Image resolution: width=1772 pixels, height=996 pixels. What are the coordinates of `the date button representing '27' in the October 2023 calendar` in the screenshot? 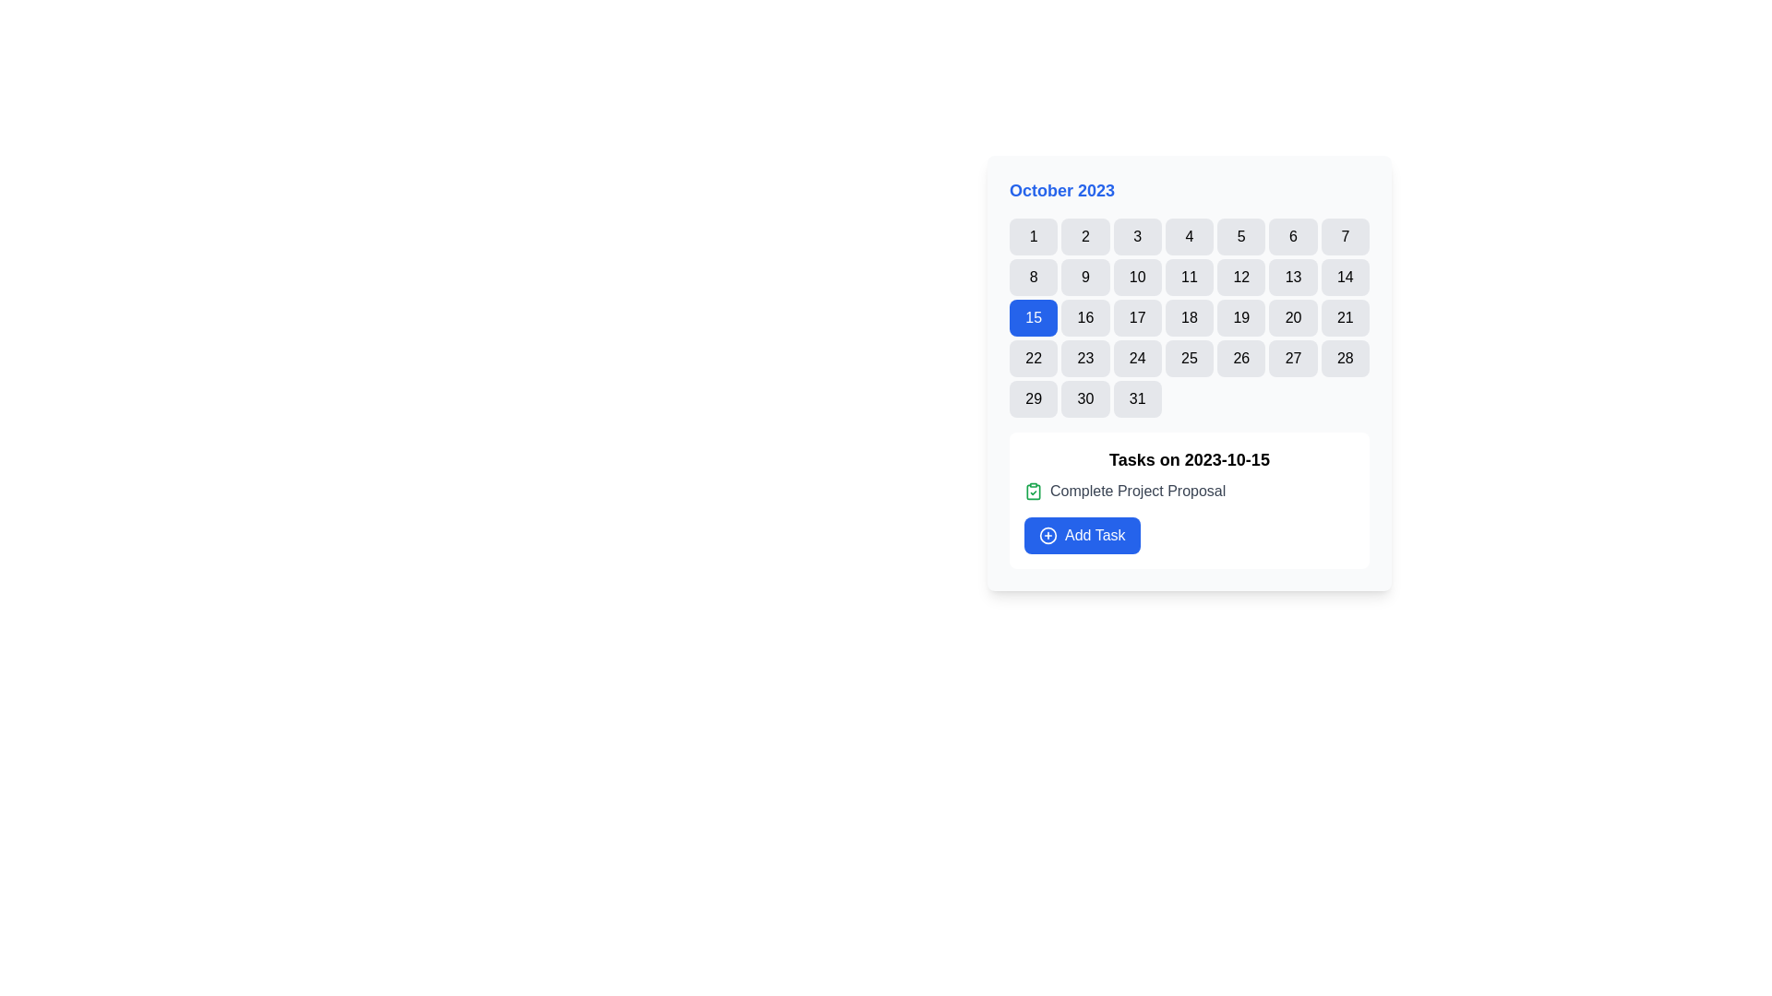 It's located at (1292, 359).